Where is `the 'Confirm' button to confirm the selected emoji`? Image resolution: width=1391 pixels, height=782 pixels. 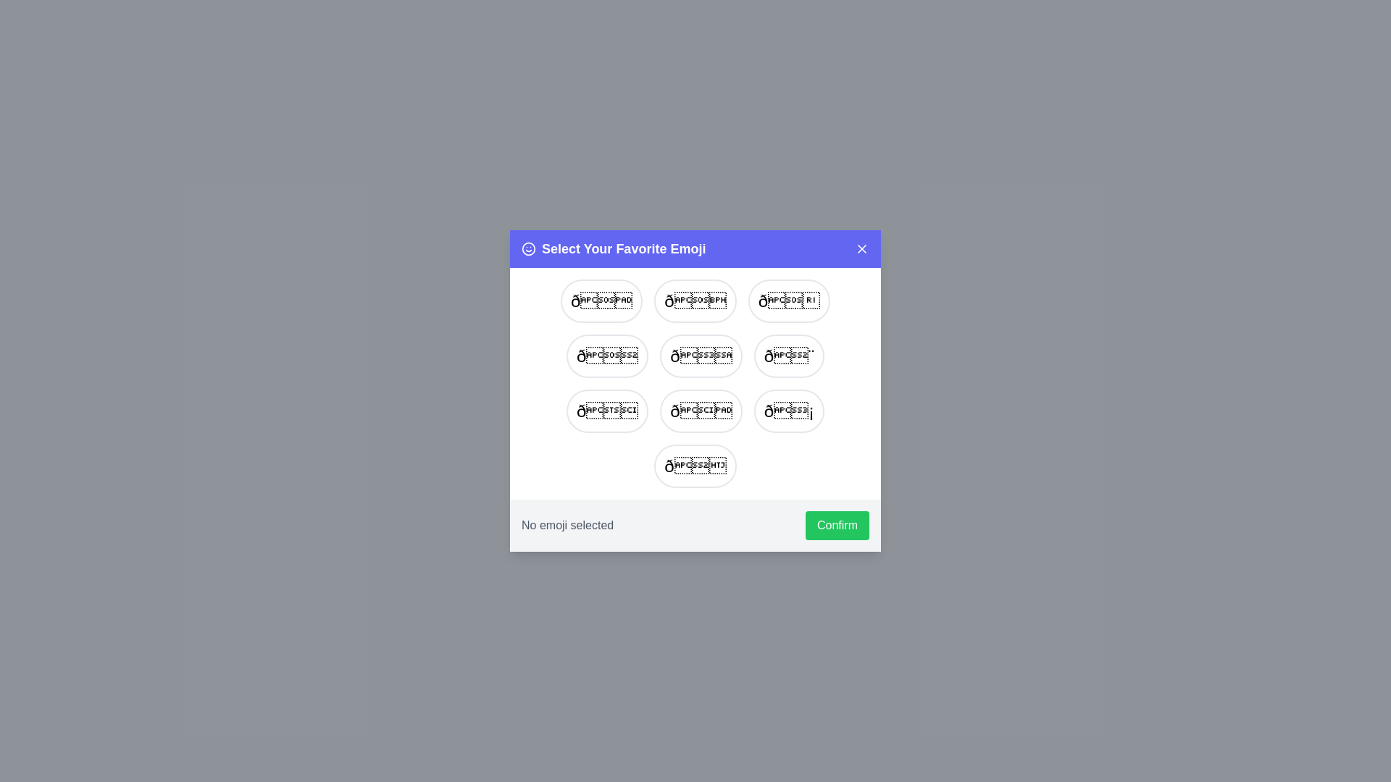 the 'Confirm' button to confirm the selected emoji is located at coordinates (837, 525).